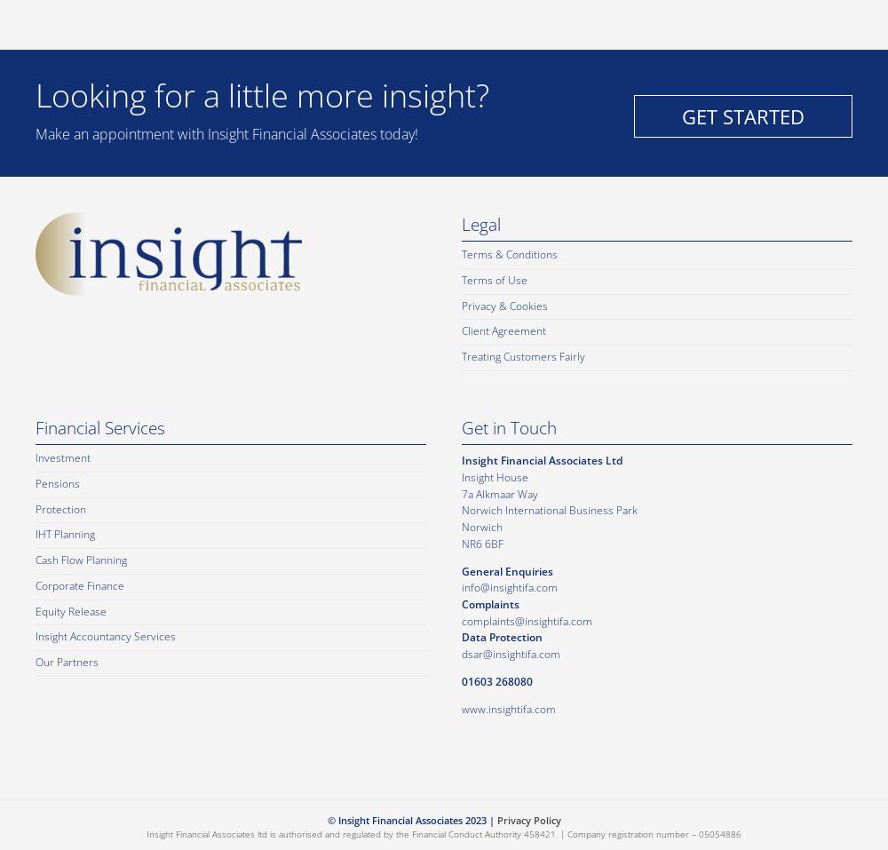  What do you see at coordinates (499, 493) in the screenshot?
I see `'7a Alkmaar Way'` at bounding box center [499, 493].